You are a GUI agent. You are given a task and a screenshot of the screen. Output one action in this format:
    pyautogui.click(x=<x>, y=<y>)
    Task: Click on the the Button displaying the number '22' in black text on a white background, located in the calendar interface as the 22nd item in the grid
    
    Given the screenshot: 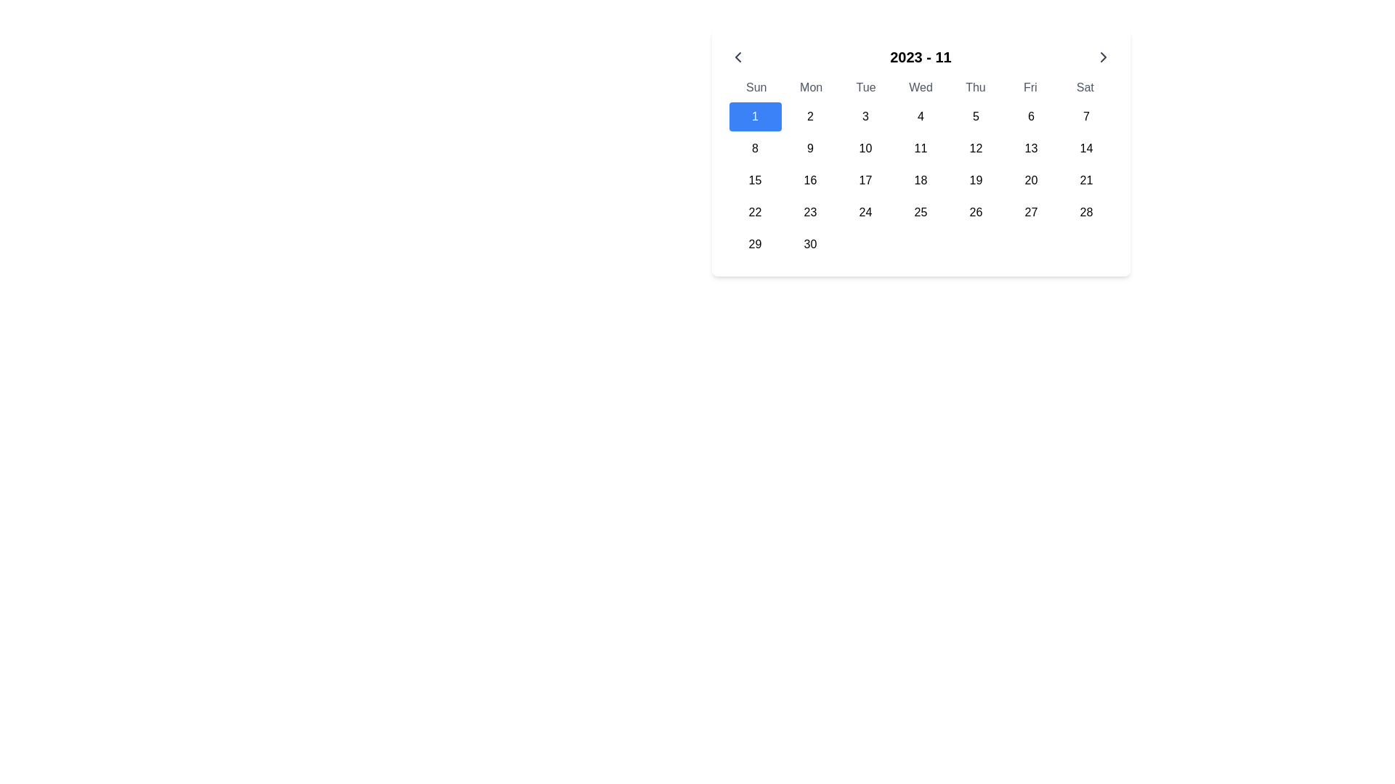 What is the action you would take?
    pyautogui.click(x=755, y=213)
    